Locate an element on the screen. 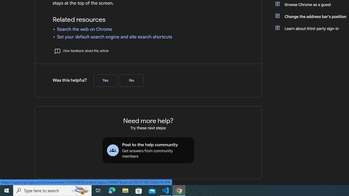  'Give feedback about this article' is located at coordinates (81, 51).